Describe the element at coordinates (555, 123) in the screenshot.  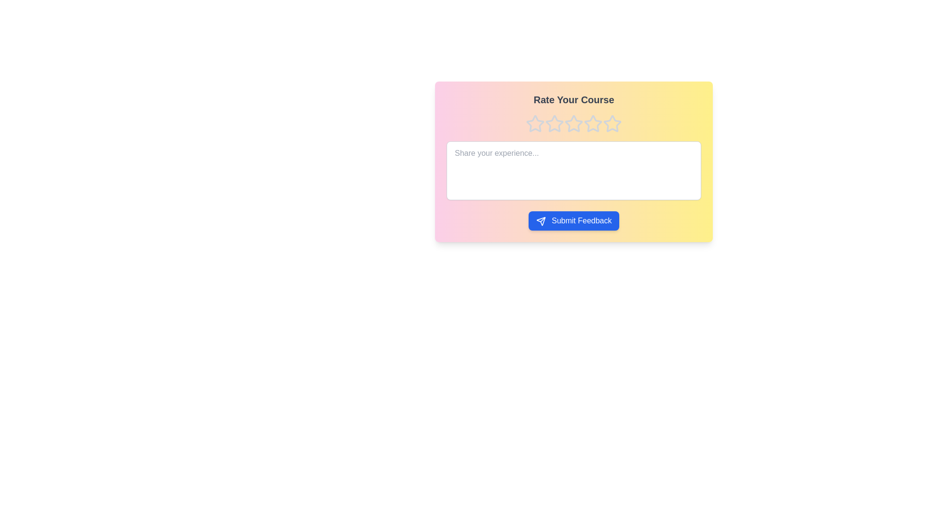
I see `the second interactive star icon for rating, located below the text 'Rate Your Course' in the feedback form box` at that location.